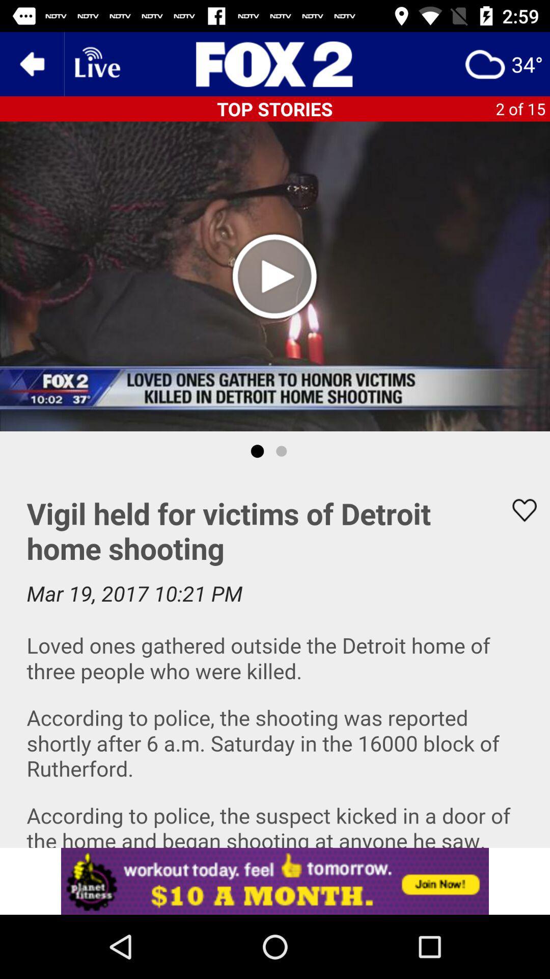 Image resolution: width=550 pixels, height=979 pixels. Describe the element at coordinates (275, 63) in the screenshot. I see `the advertisement` at that location.